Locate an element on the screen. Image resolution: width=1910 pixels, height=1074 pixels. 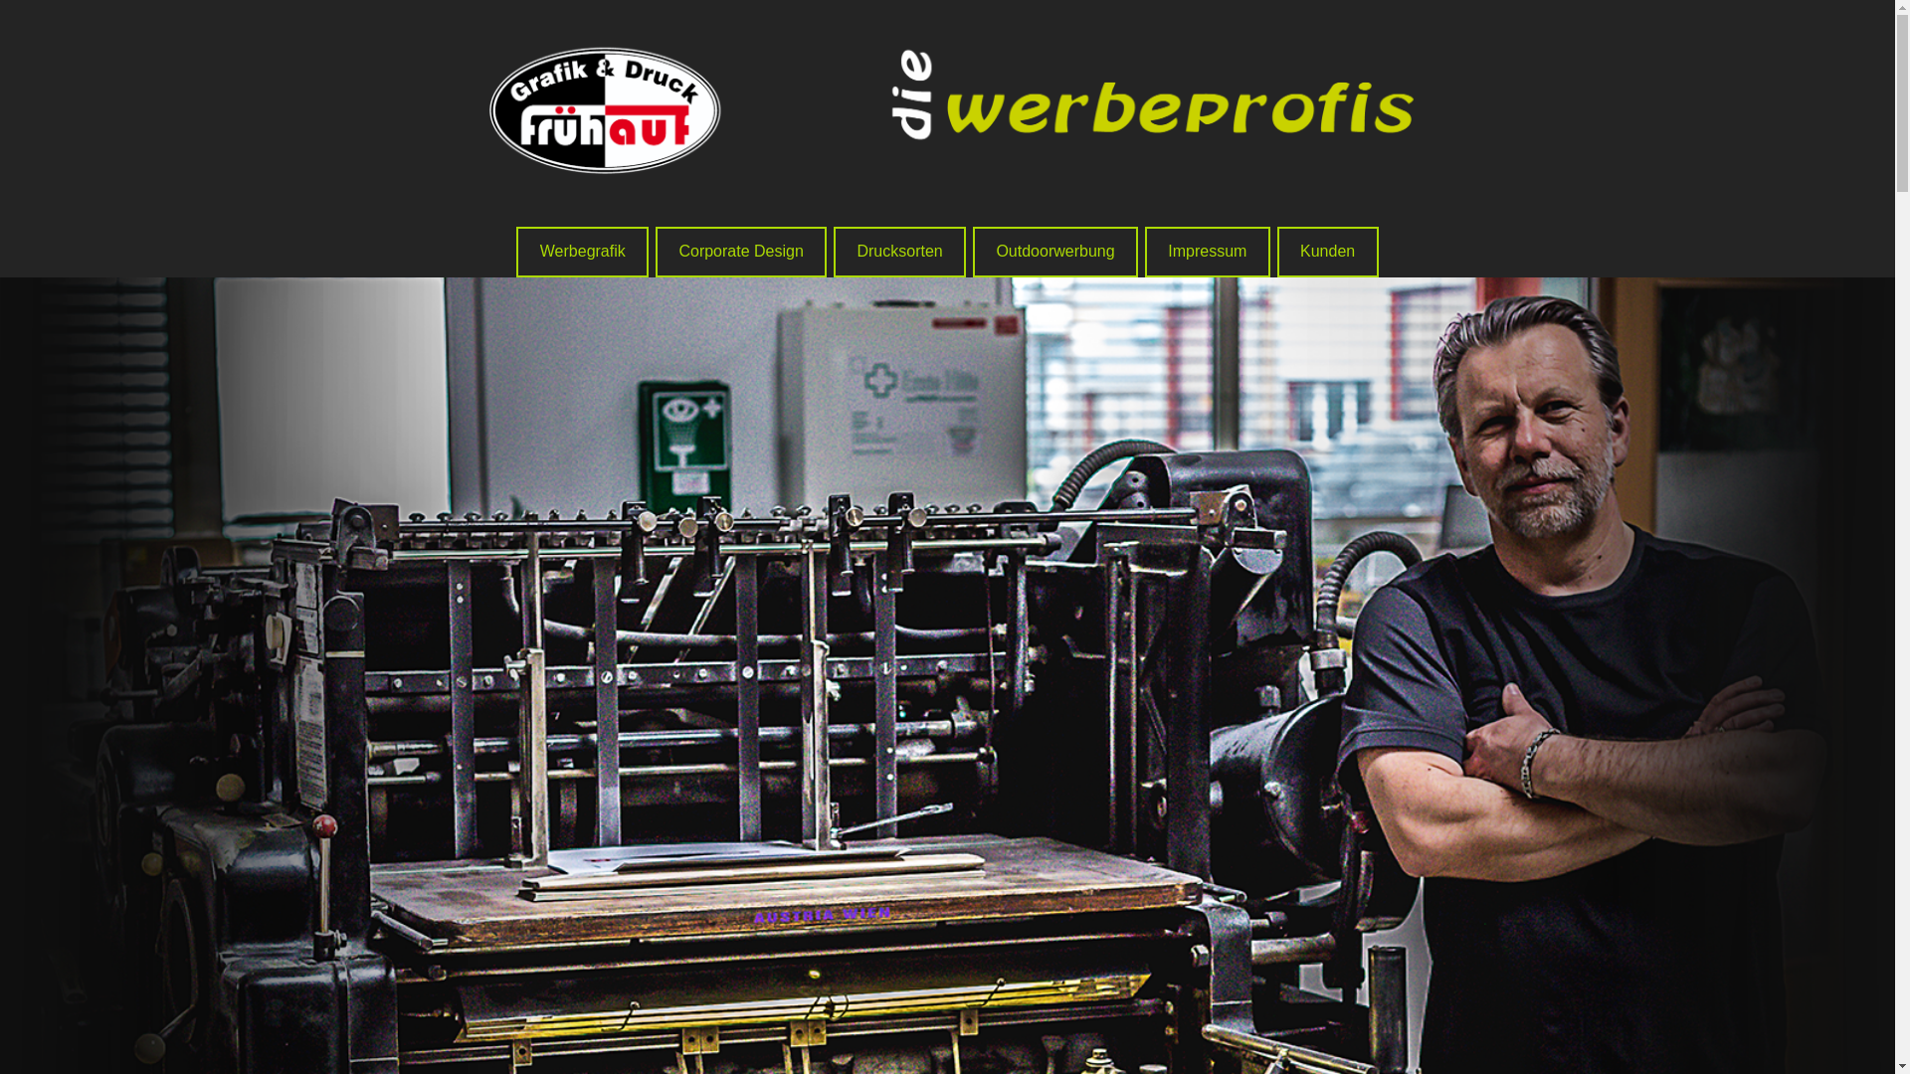
'Impressum' is located at coordinates (1207, 251).